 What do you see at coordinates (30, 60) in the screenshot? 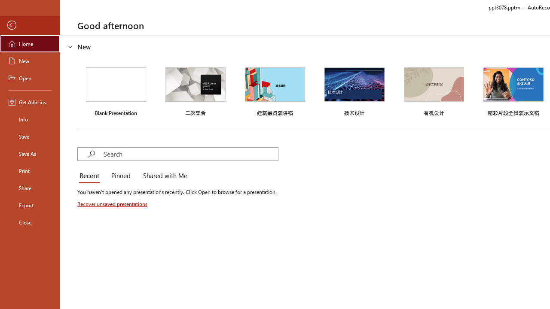
I see `'New'` at bounding box center [30, 60].